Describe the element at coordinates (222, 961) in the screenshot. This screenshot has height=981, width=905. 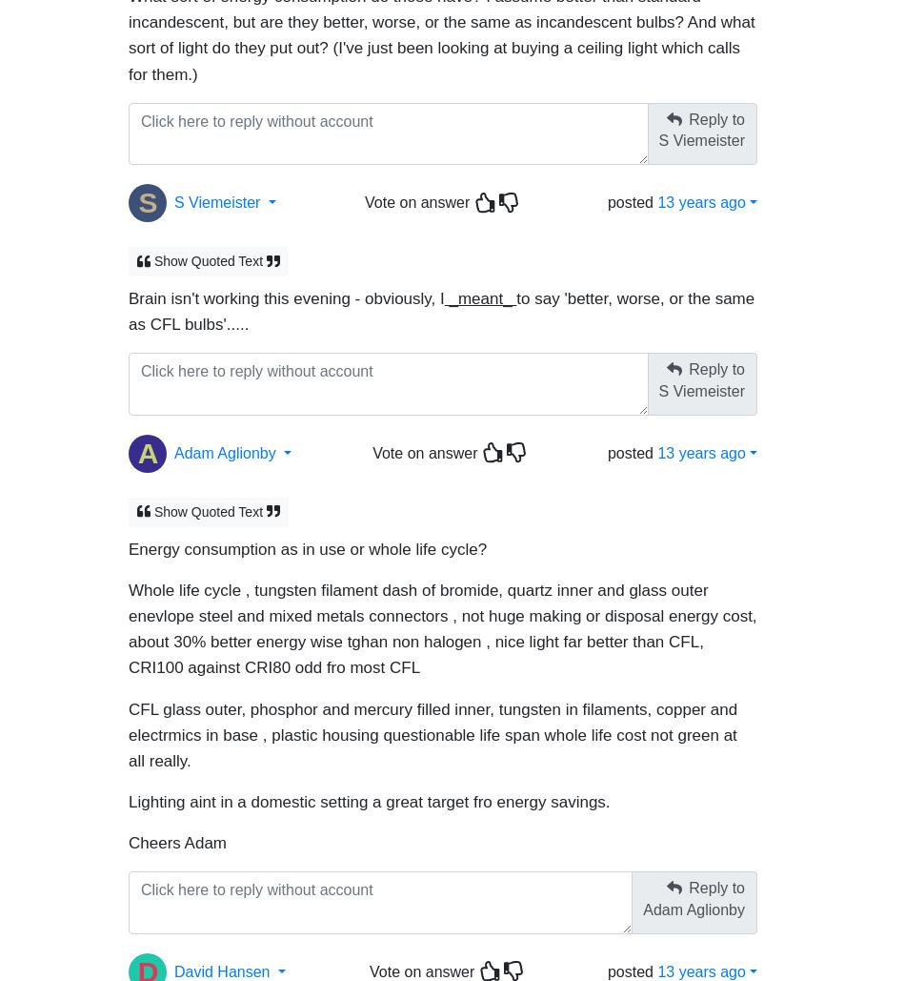
I see `'David Hansen'` at that location.